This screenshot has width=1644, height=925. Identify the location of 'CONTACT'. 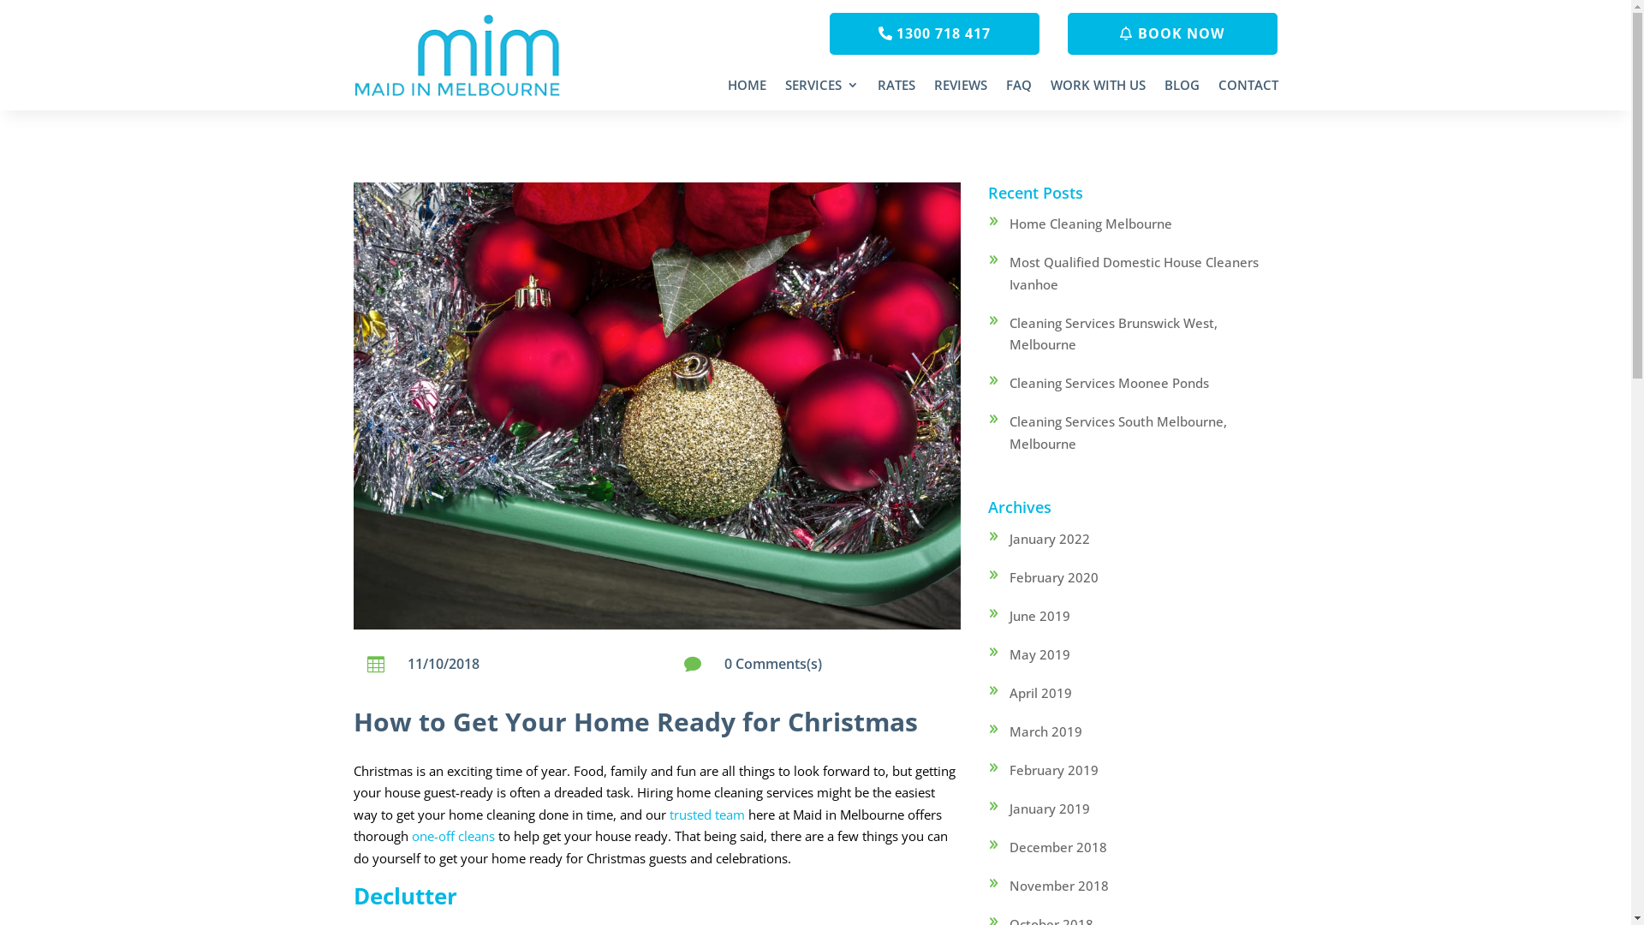
(1248, 88).